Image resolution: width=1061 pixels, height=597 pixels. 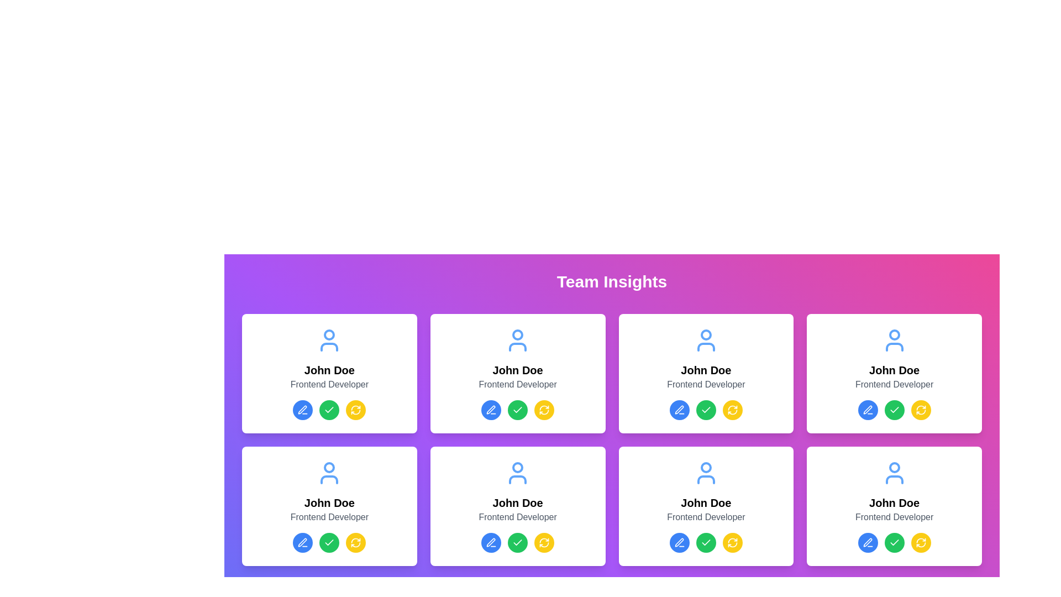 What do you see at coordinates (517, 410) in the screenshot?
I see `the confirmation button with a checkmark icon using keyboard navigation` at bounding box center [517, 410].